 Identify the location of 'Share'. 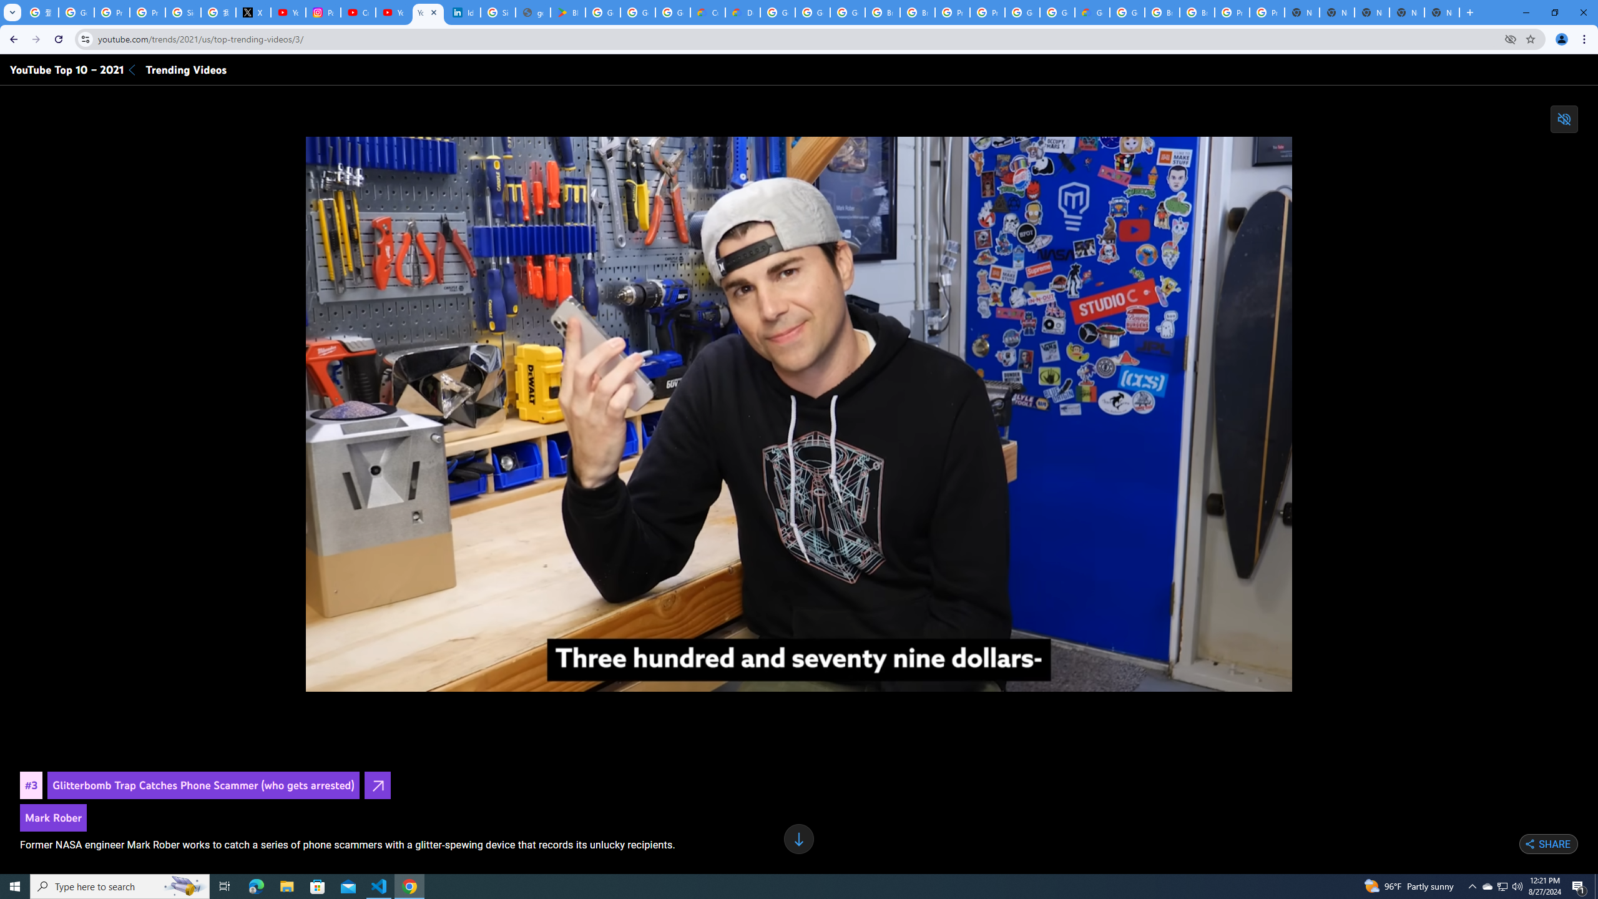
(1547, 843).